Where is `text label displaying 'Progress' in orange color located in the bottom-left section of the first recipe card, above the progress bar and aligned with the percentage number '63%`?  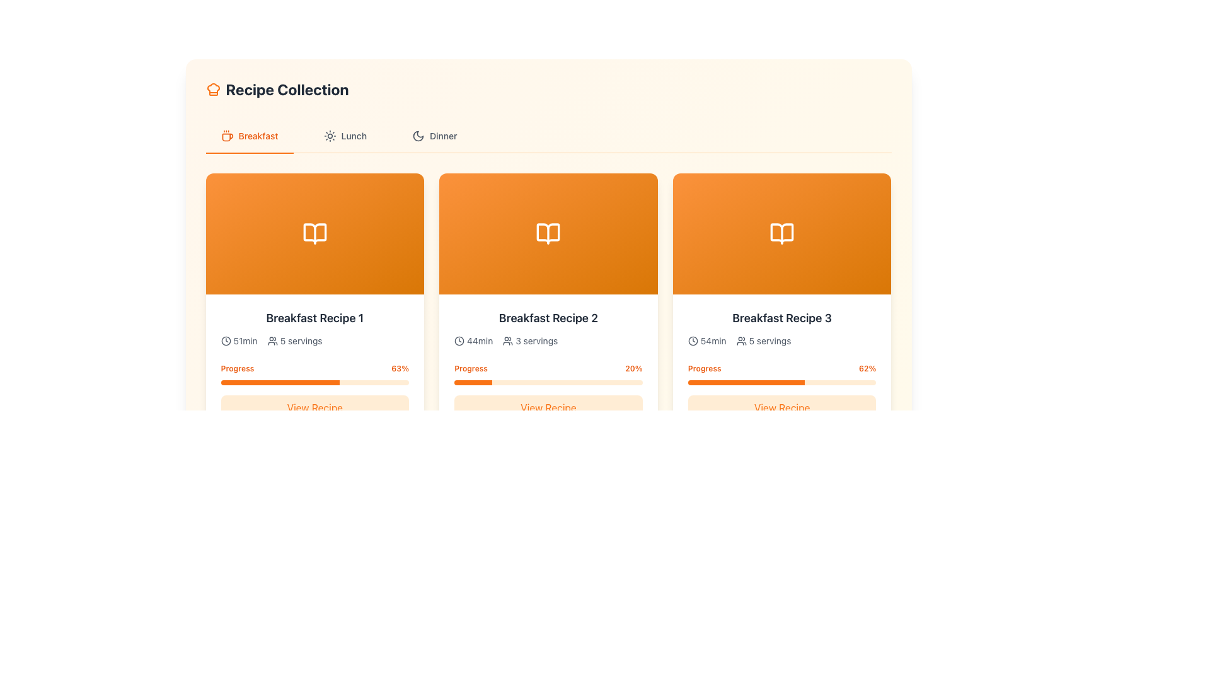
text label displaying 'Progress' in orange color located in the bottom-left section of the first recipe card, above the progress bar and aligned with the percentage number '63% is located at coordinates (237, 367).